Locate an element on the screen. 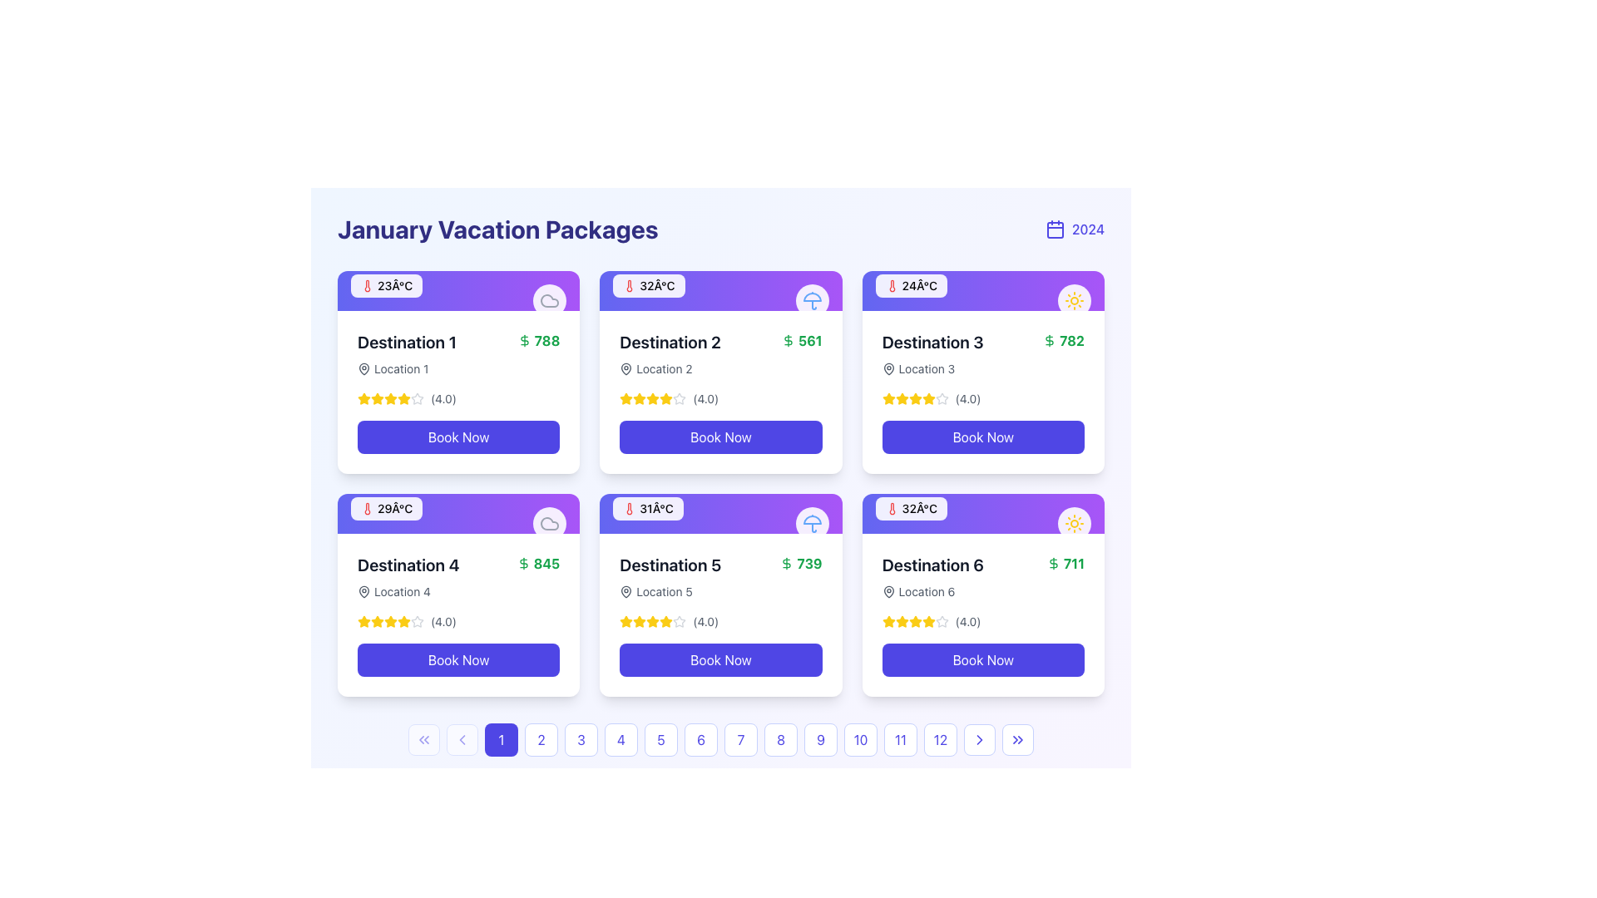 The width and height of the screenshot is (1597, 898). price value displayed in the Price indicator (text and icon component) located in the top-right corner of the card for 'Destination 1' is located at coordinates (539, 339).